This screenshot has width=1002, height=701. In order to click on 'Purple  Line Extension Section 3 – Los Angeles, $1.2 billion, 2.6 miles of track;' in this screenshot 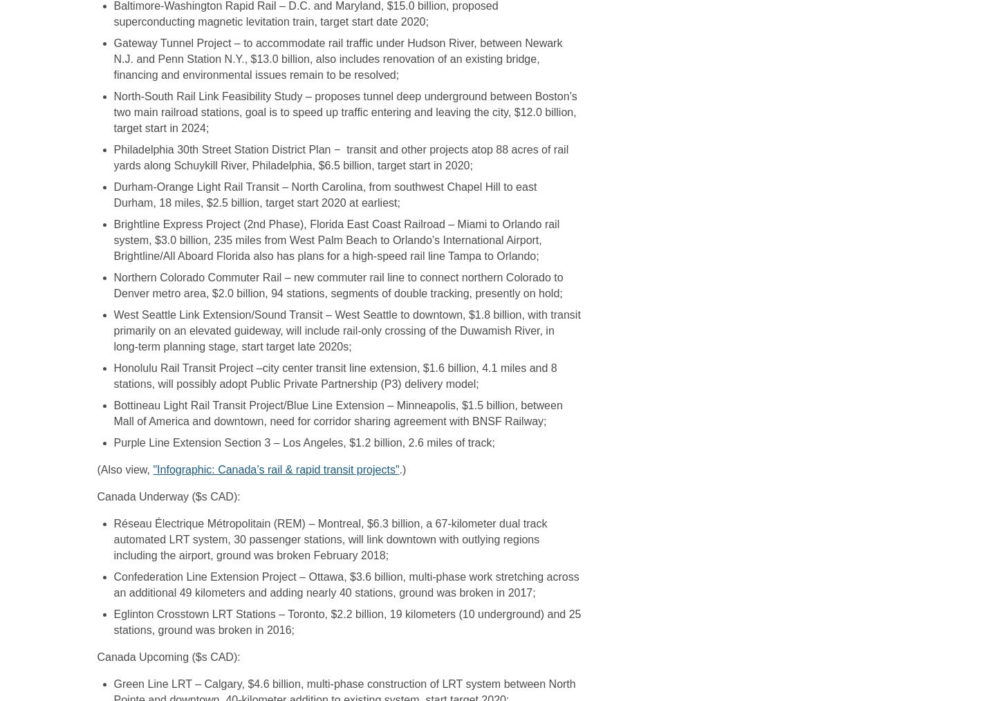, I will do `click(113, 442)`.